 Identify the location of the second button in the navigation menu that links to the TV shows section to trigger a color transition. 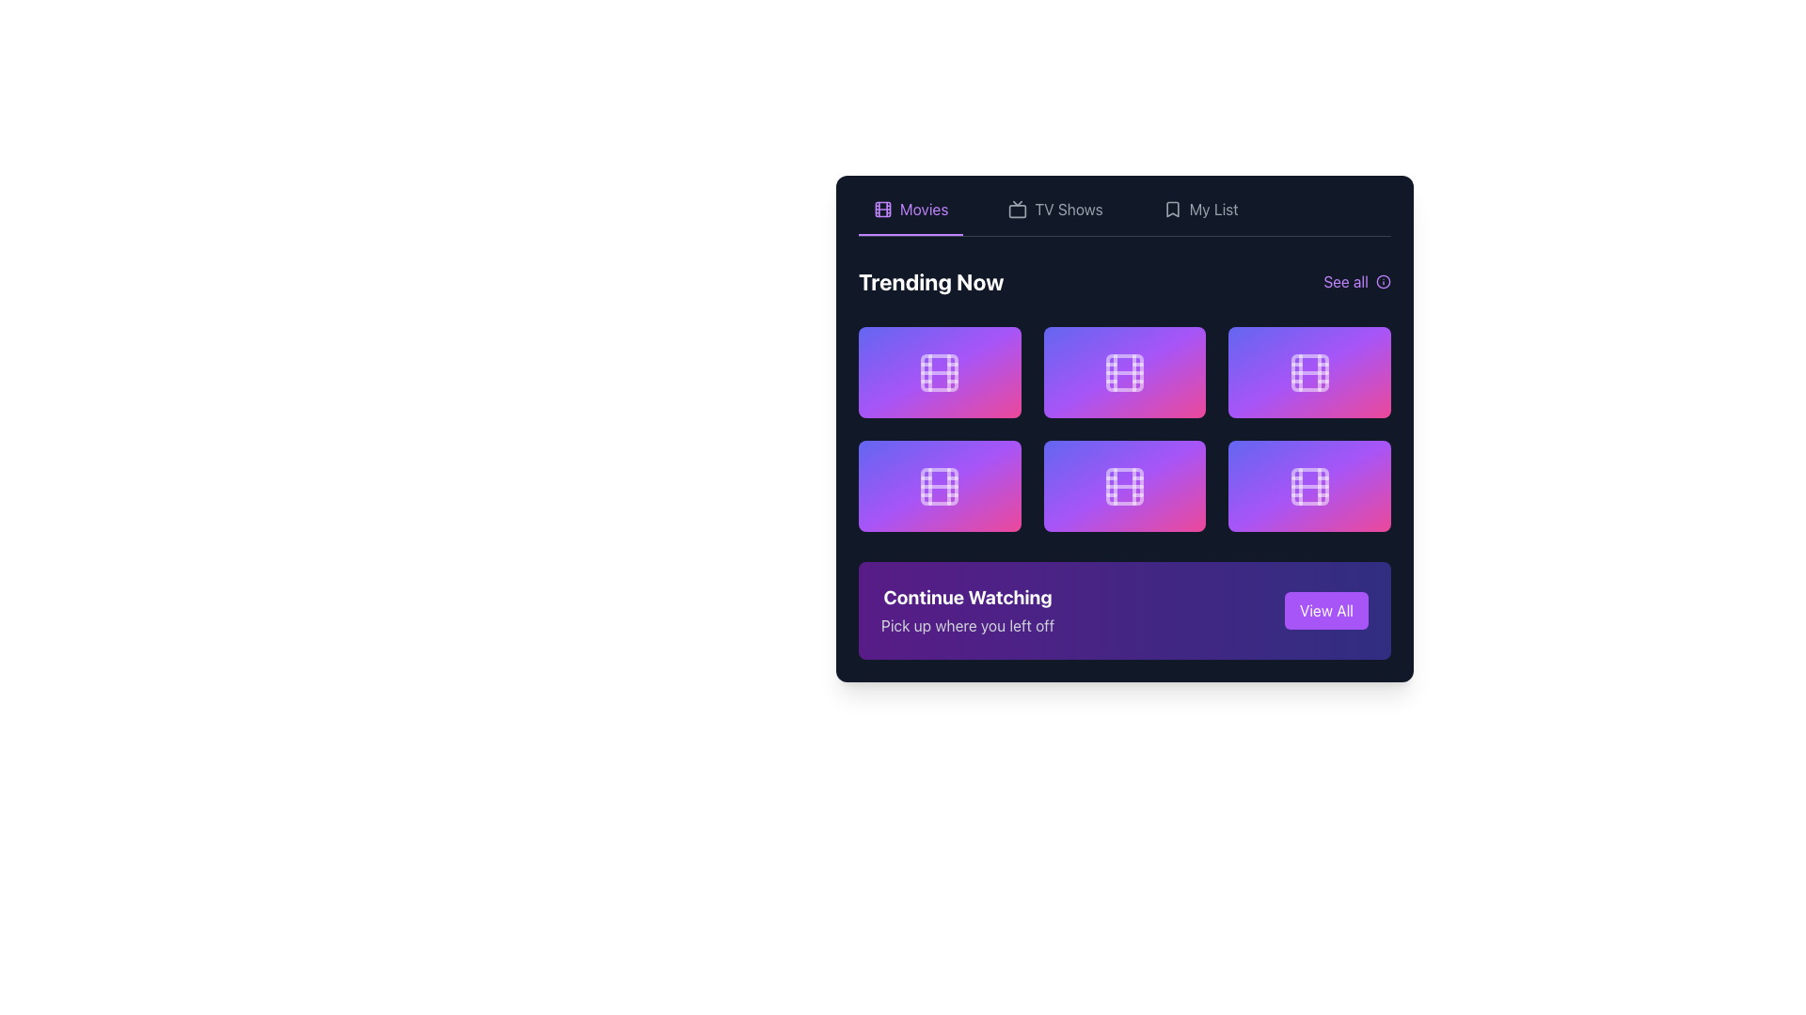
(1055, 216).